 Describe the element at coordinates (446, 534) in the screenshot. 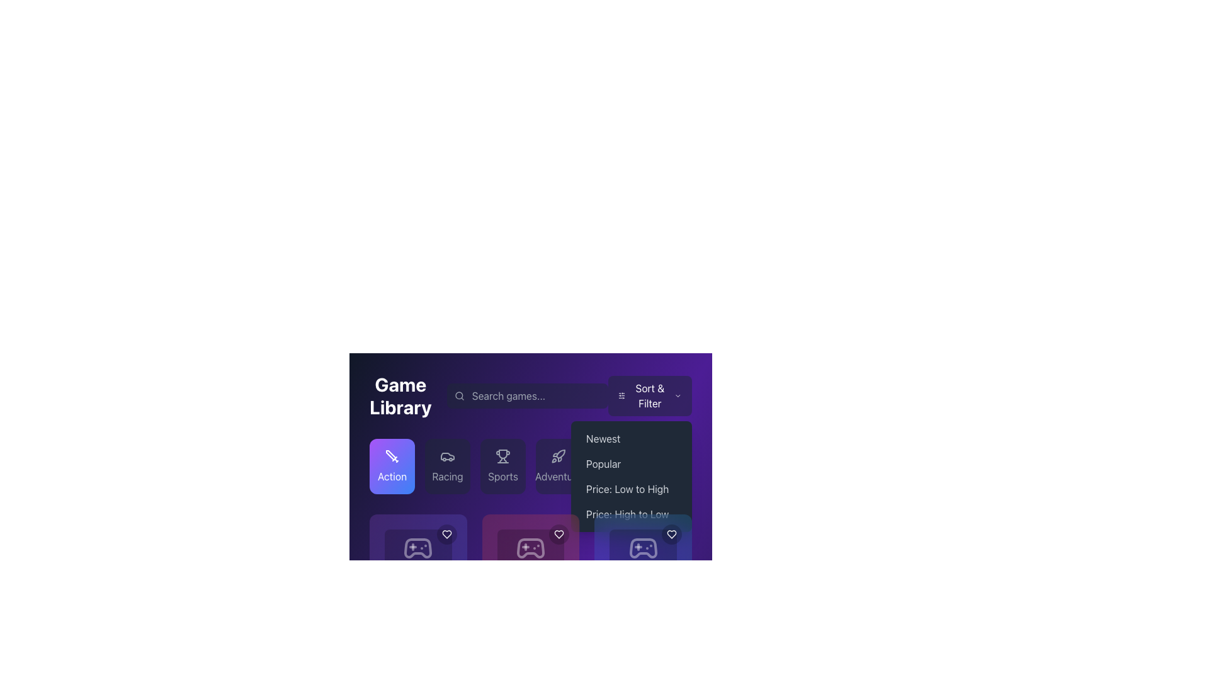

I see `the heart icon representing the 'favorite' or 'like' option` at that location.